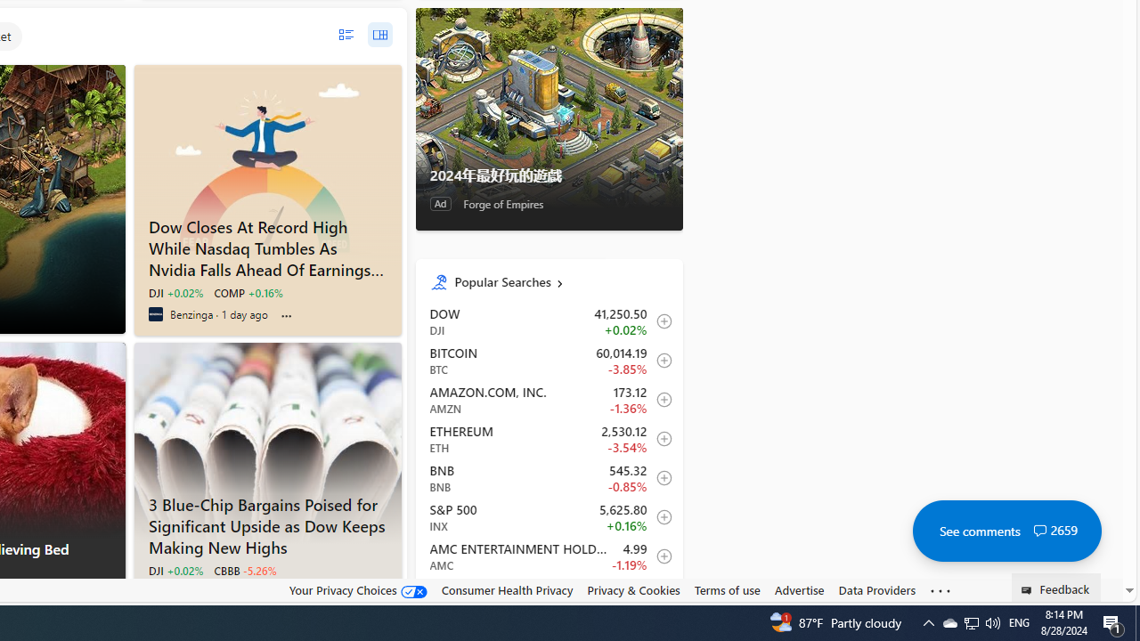 This screenshot has height=641, width=1140. Describe the element at coordinates (1030, 590) in the screenshot. I see `'Class: feedback_link_icon-DS-EntryPoint1-1'` at that location.